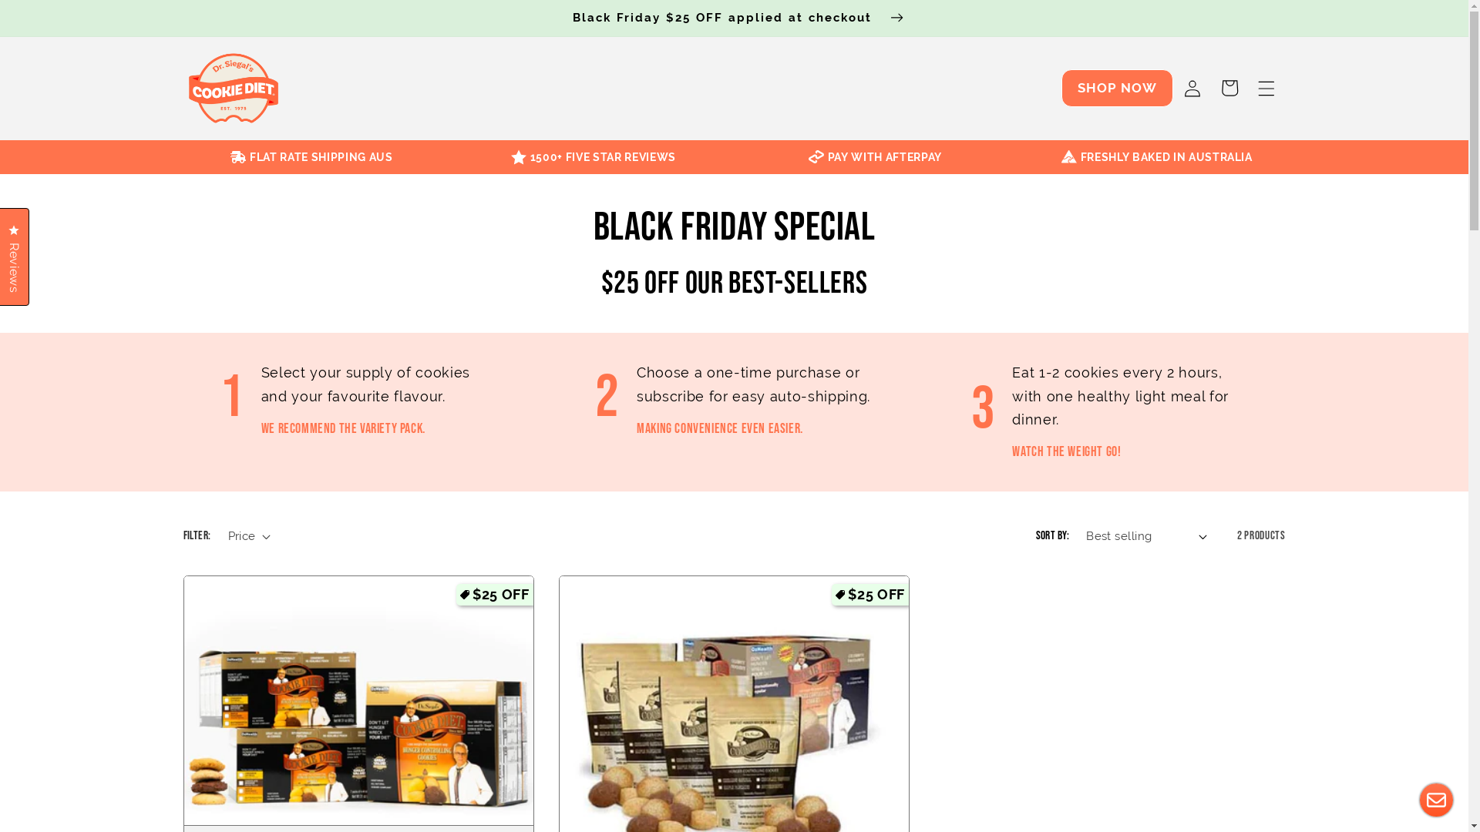 This screenshot has height=832, width=1480. I want to click on 'Cart', so click(1209, 88).